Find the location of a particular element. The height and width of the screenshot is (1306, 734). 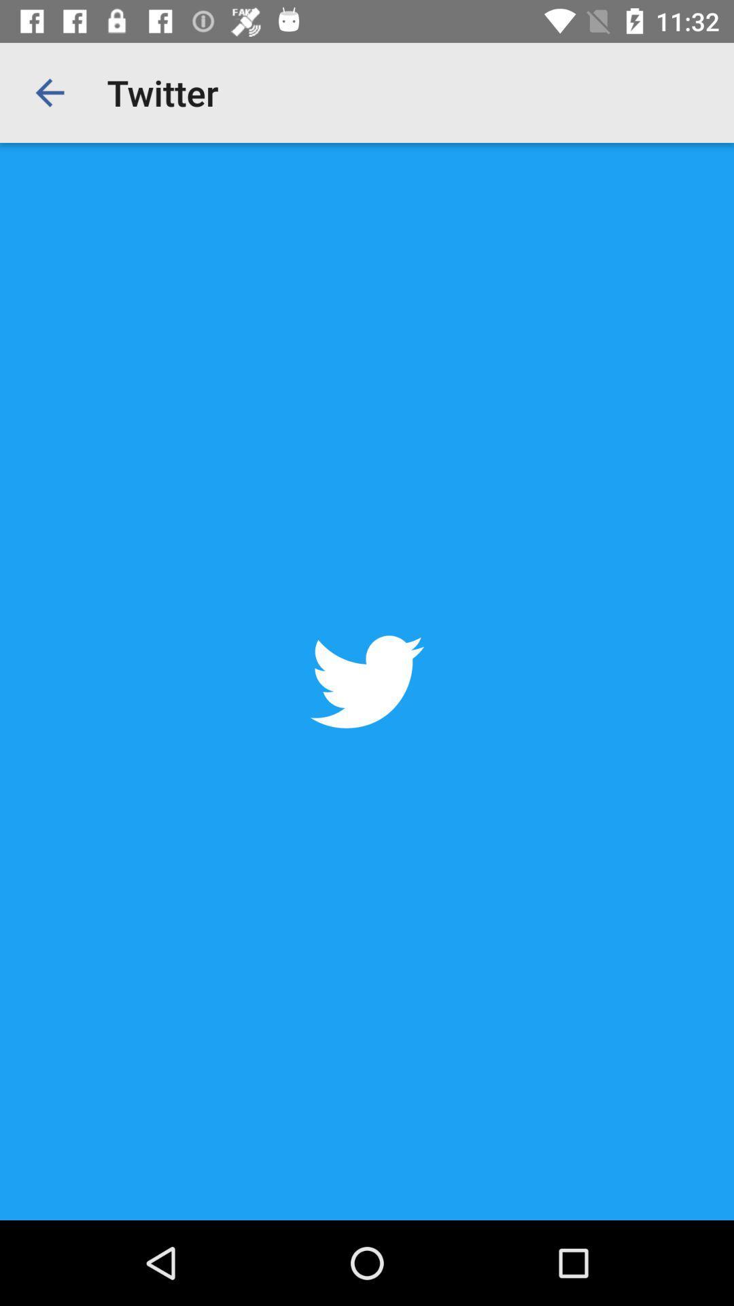

the item at the center is located at coordinates (367, 682).